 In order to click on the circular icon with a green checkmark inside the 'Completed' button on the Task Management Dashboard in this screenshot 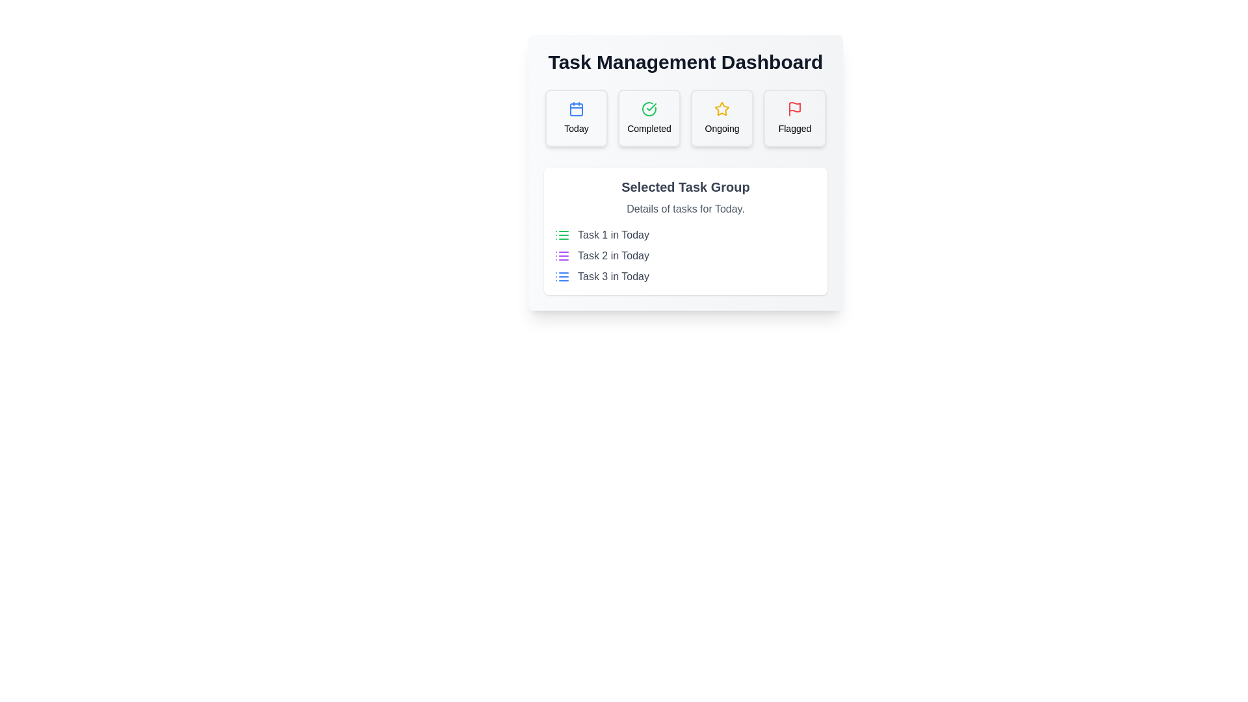, I will do `click(649, 109)`.